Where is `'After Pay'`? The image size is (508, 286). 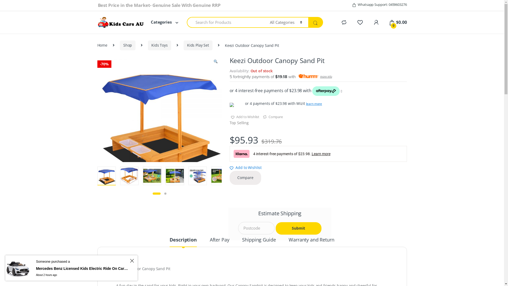 'After Pay' is located at coordinates (220, 242).